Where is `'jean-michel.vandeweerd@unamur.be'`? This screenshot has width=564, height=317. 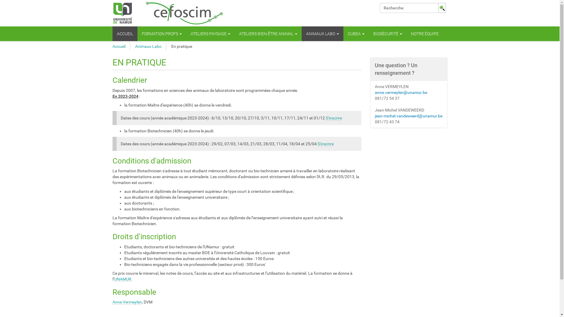
'jean-michel.vandeweerd@unamur.be' is located at coordinates (408, 116).